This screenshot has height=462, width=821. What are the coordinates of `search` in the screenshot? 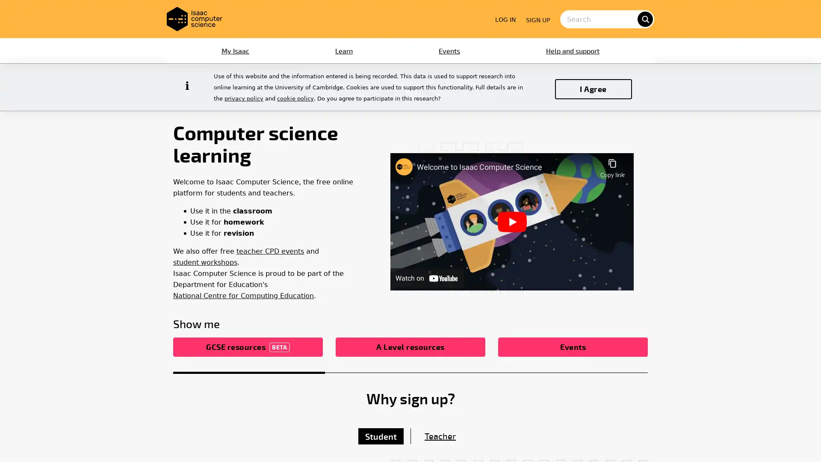 It's located at (644, 18).